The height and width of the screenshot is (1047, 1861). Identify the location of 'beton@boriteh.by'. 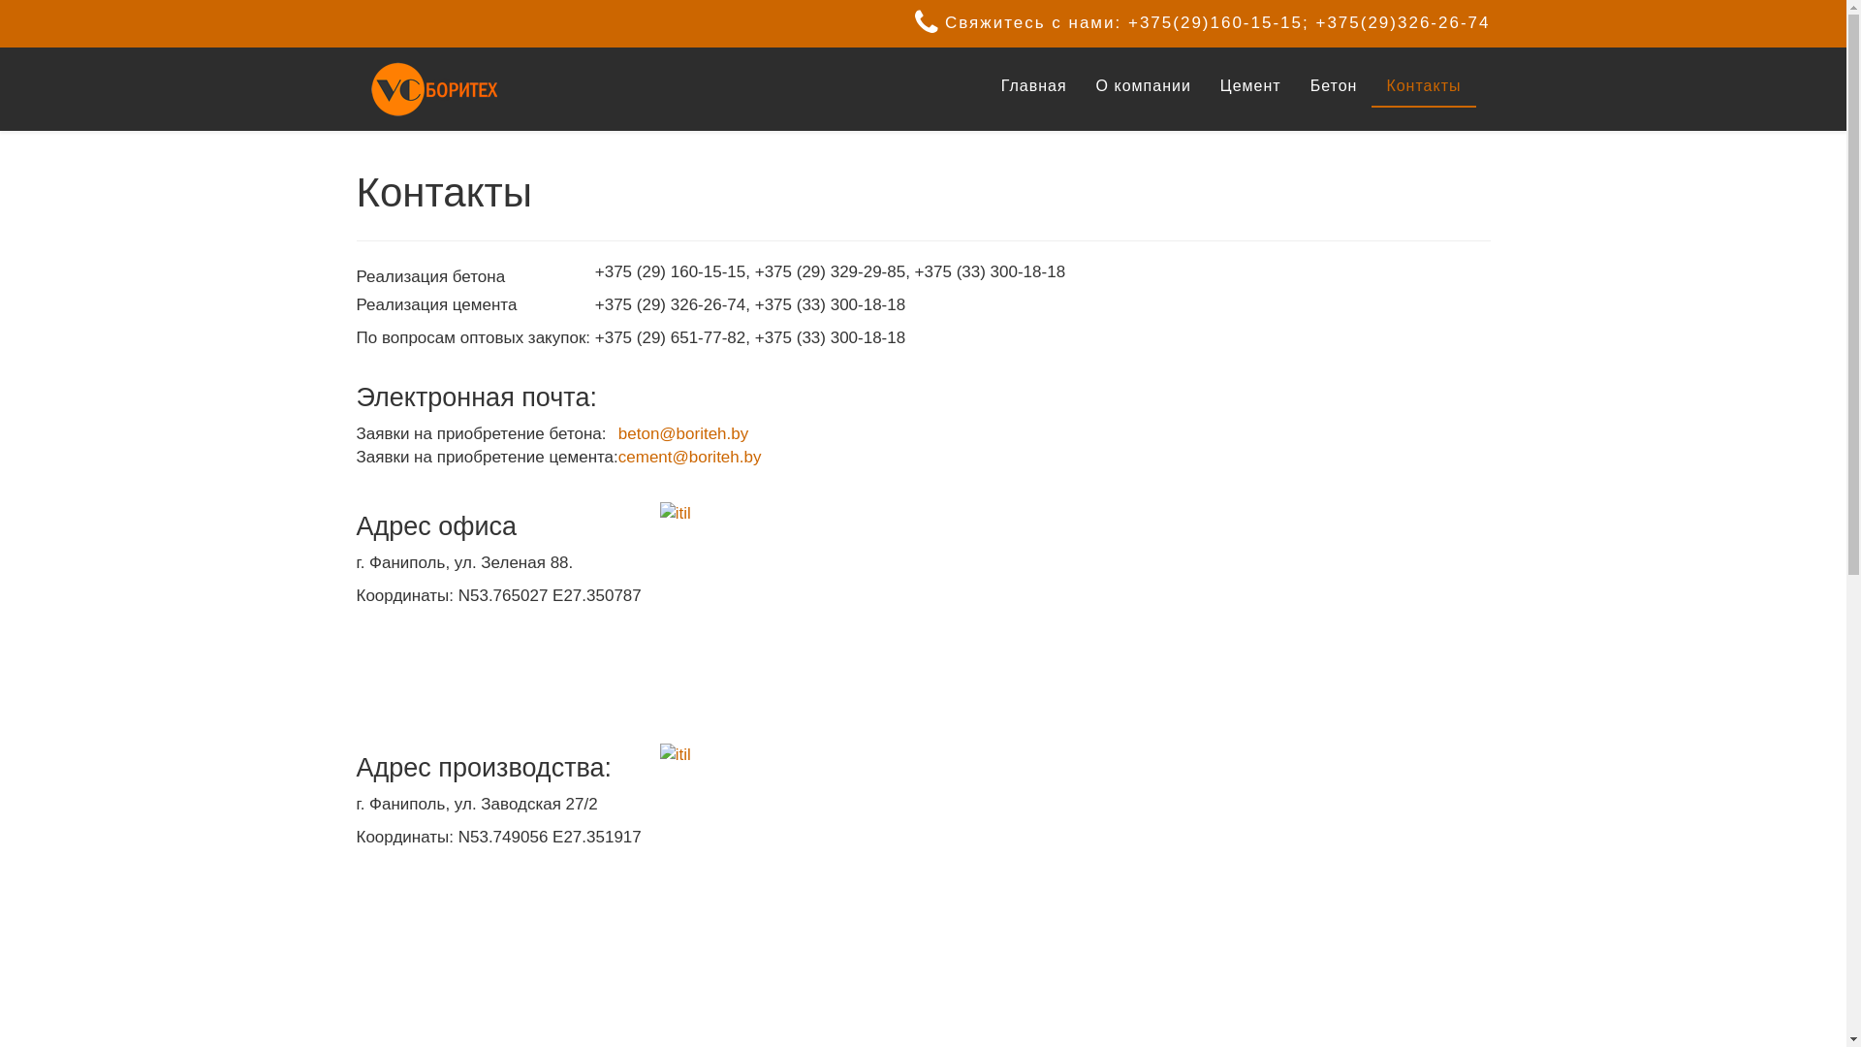
(683, 432).